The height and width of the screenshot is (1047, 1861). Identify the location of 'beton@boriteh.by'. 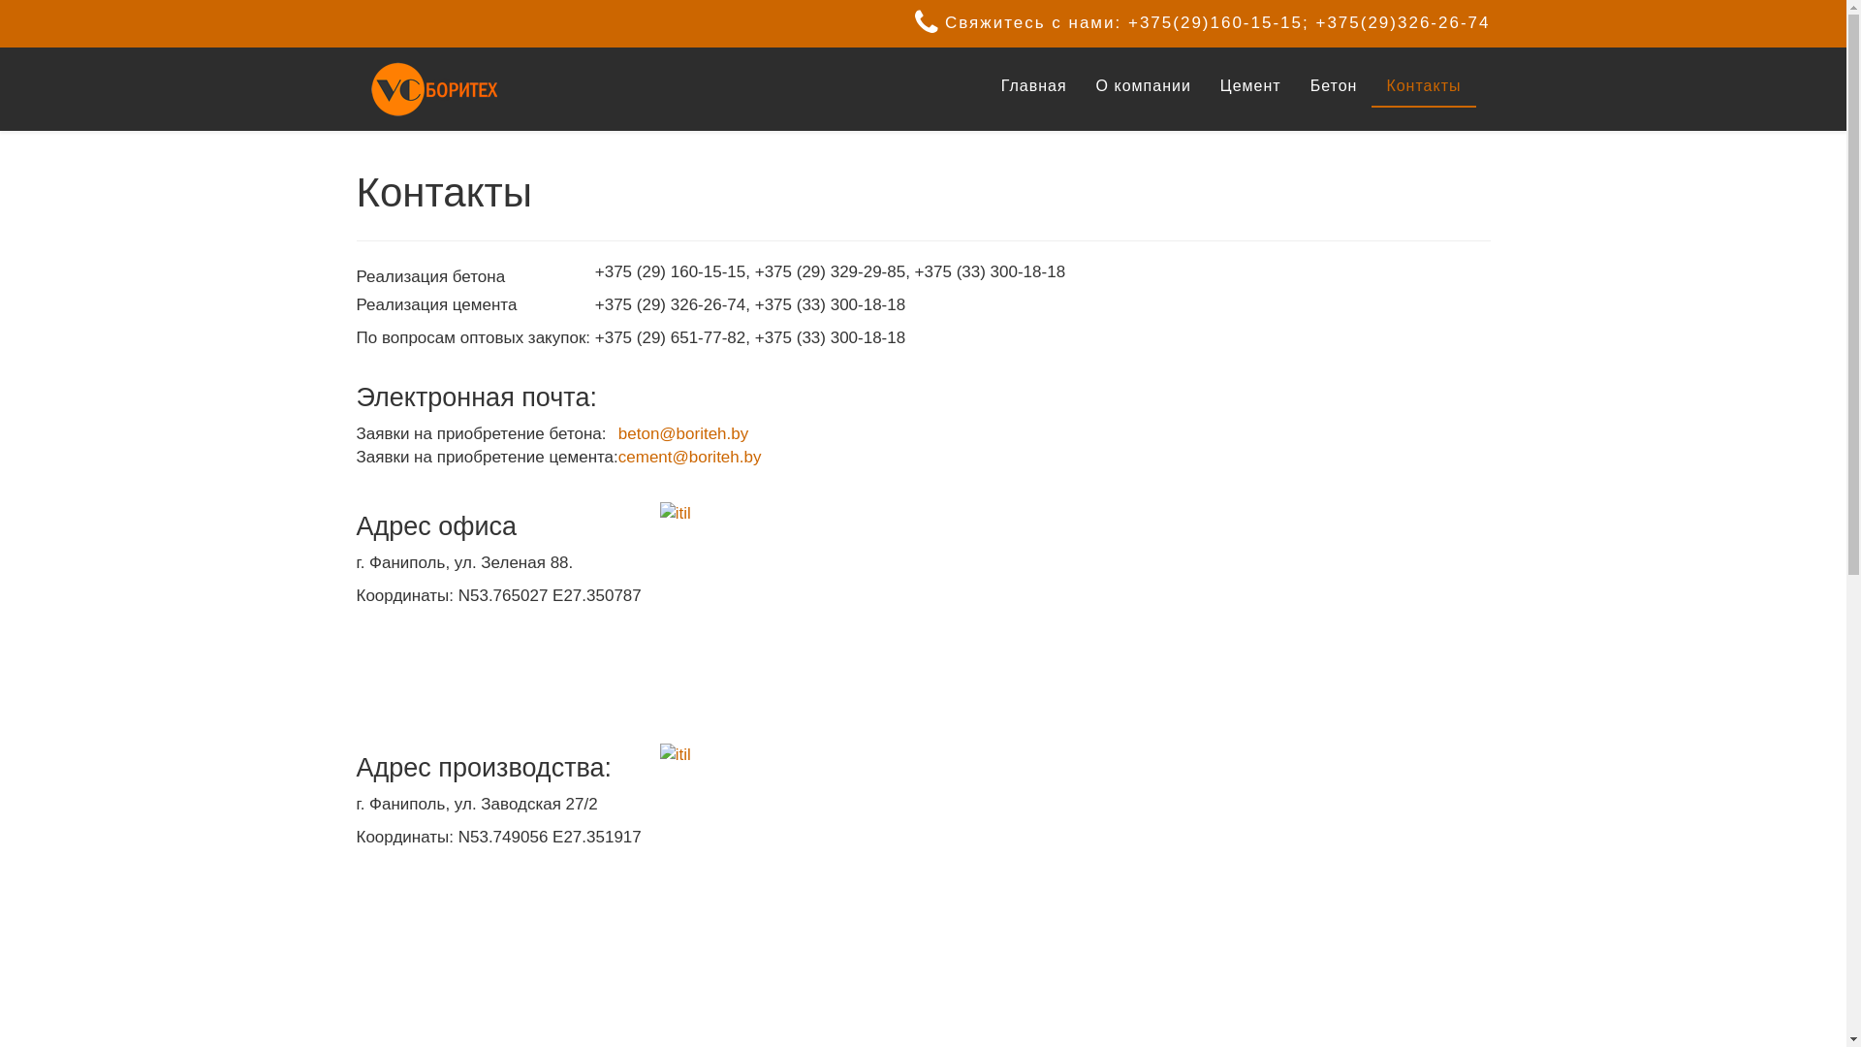
(683, 432).